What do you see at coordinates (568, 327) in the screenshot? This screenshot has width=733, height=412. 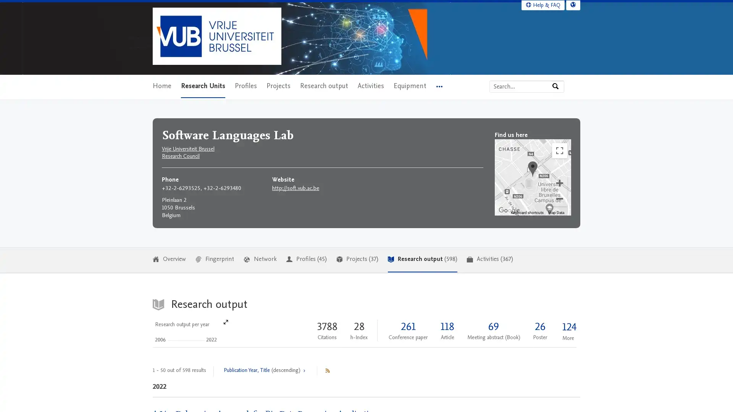 I see `124` at bounding box center [568, 327].